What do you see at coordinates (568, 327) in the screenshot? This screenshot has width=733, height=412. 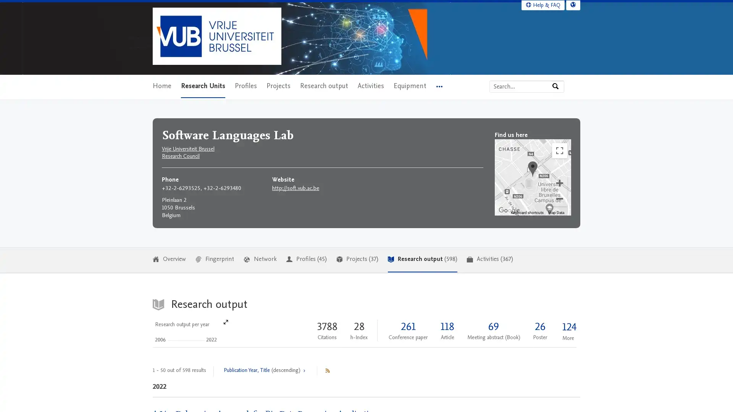 I see `124` at bounding box center [568, 327].